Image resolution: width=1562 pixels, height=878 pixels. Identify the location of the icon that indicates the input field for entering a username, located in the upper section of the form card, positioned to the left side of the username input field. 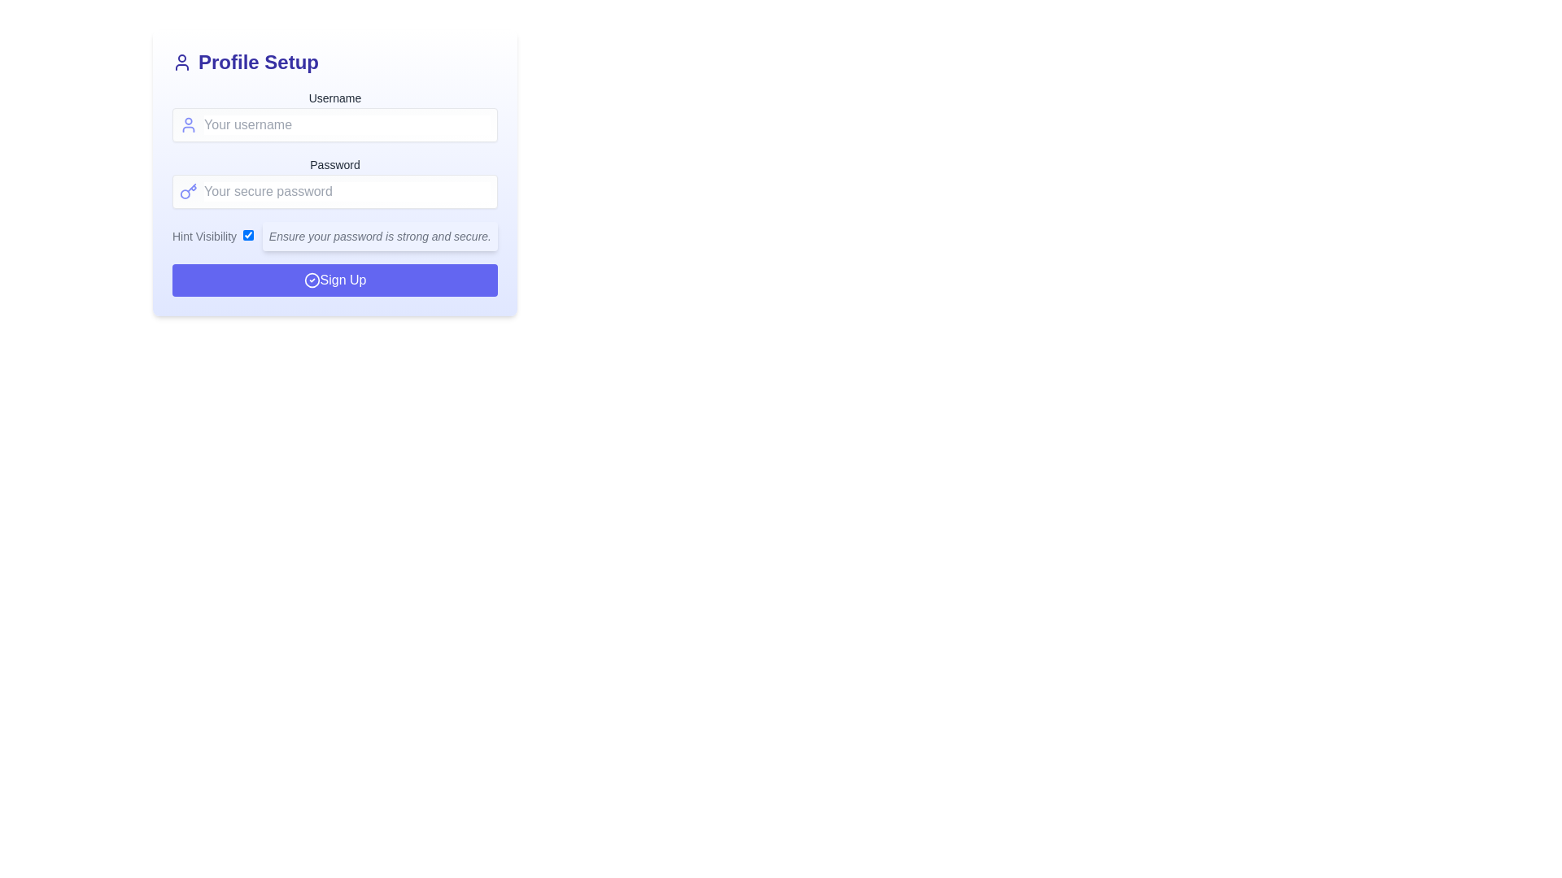
(189, 124).